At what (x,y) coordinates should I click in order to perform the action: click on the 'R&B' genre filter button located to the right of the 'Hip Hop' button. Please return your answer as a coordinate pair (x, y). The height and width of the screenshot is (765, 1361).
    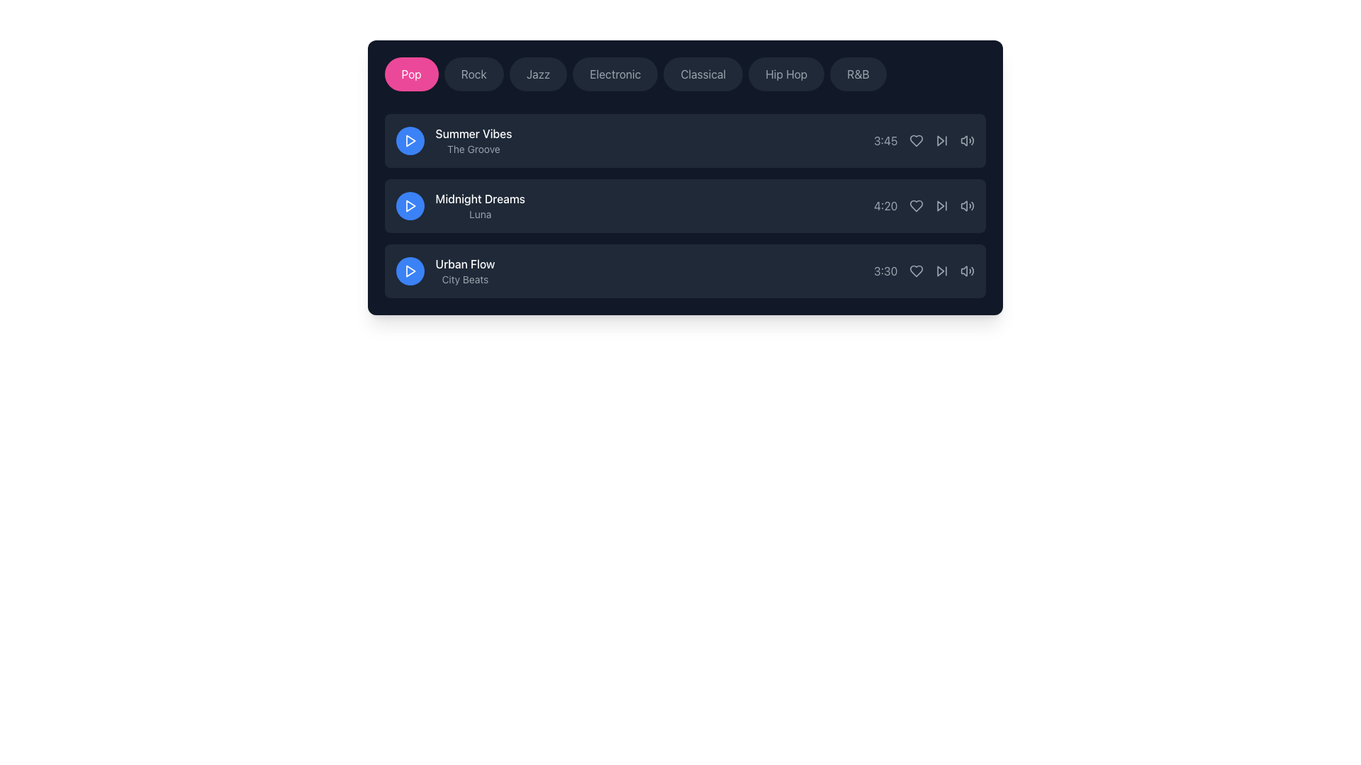
    Looking at the image, I should click on (857, 74).